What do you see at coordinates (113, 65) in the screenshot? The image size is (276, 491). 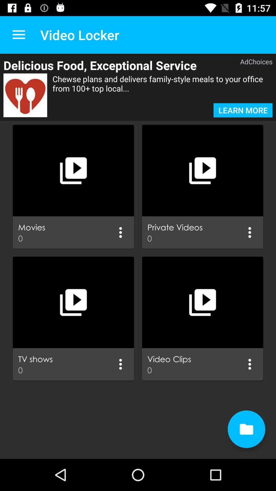 I see `item to the left of adchoices` at bounding box center [113, 65].